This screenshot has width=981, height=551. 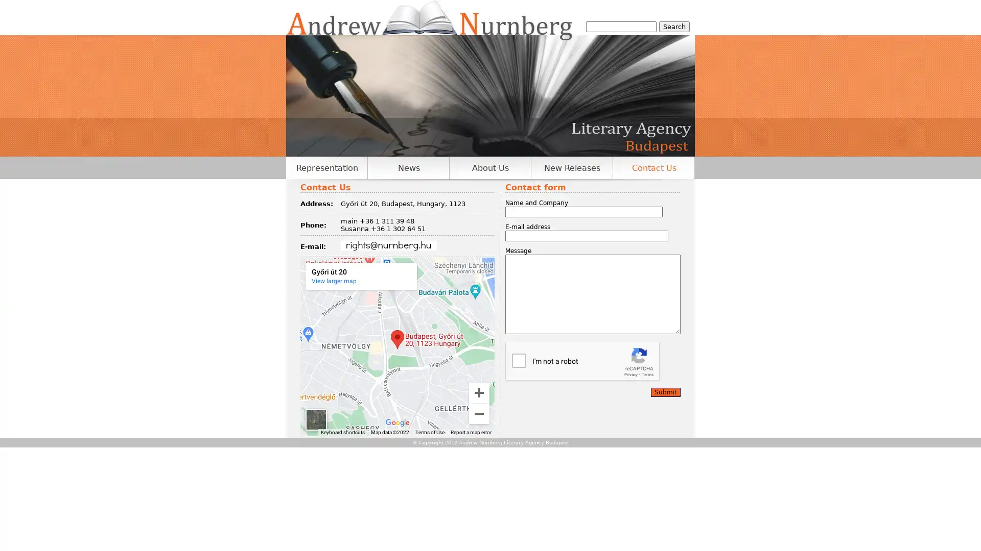 What do you see at coordinates (665, 391) in the screenshot?
I see `Submit` at bounding box center [665, 391].